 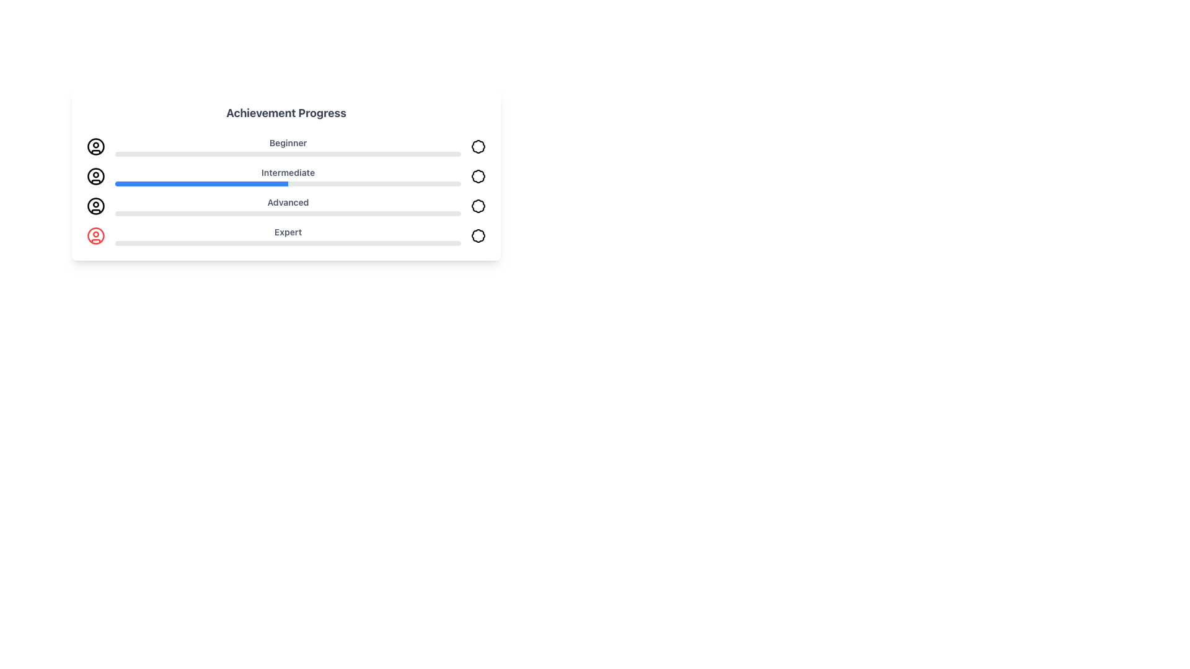 I want to click on the outer circular component of the third user icon in the vertical sequence of four user icons, which is located in the 'Advanced' category row, so click(x=95, y=205).